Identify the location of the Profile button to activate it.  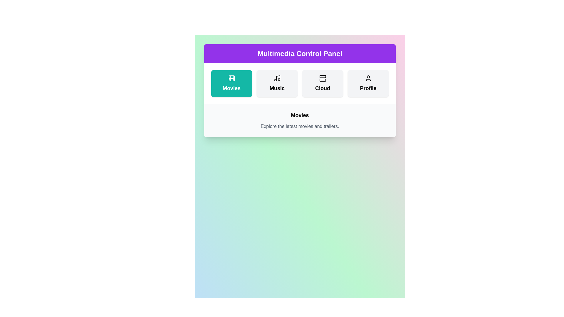
(368, 84).